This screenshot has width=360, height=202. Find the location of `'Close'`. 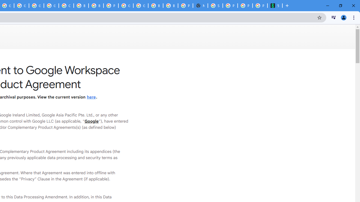

'Close' is located at coordinates (353, 6).